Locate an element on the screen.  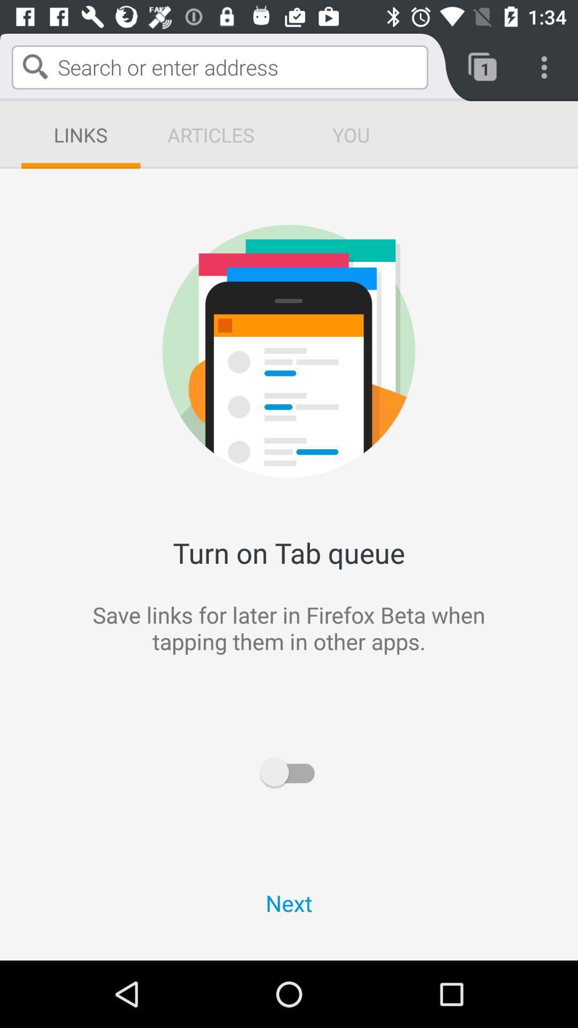
the search bar is located at coordinates (219, 66).